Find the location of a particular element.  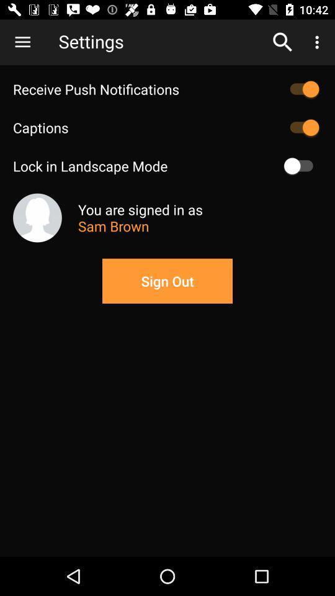

settings is located at coordinates (161, 42).